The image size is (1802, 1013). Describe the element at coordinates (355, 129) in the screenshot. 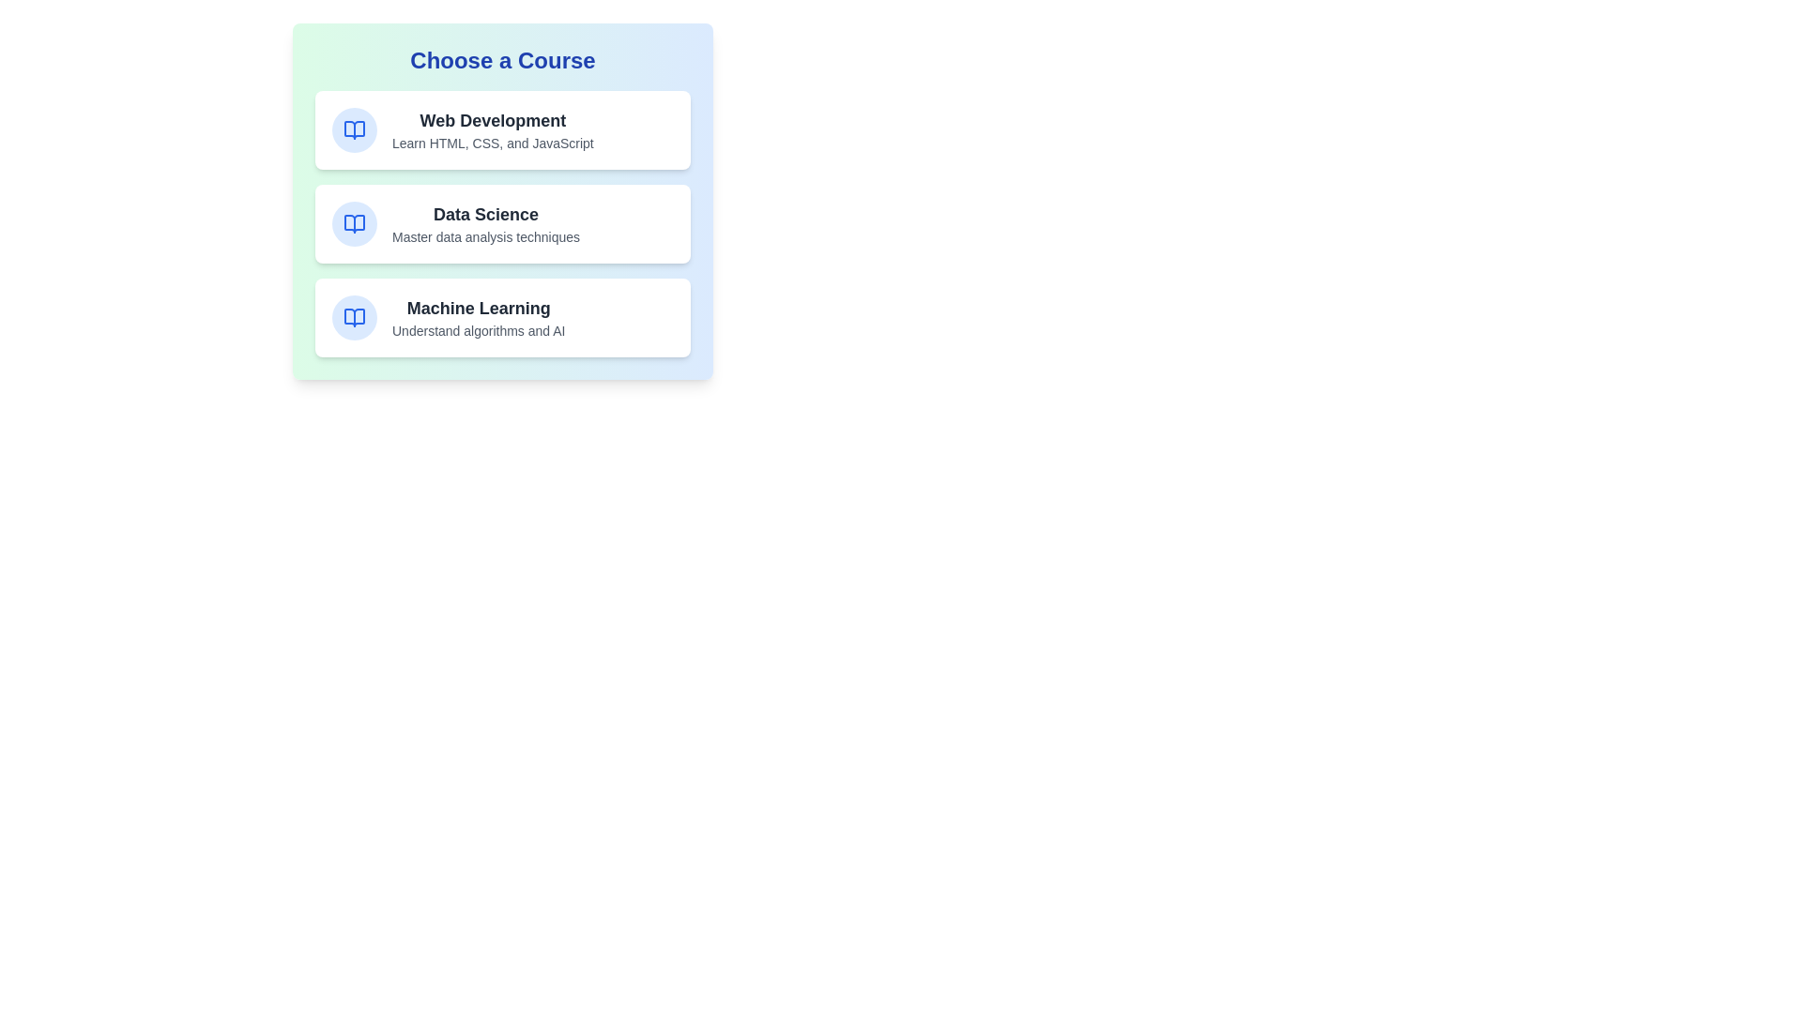

I see `the open book SVG icon next to the 'Web Development' course title in the 'Choose a Course' section` at that location.